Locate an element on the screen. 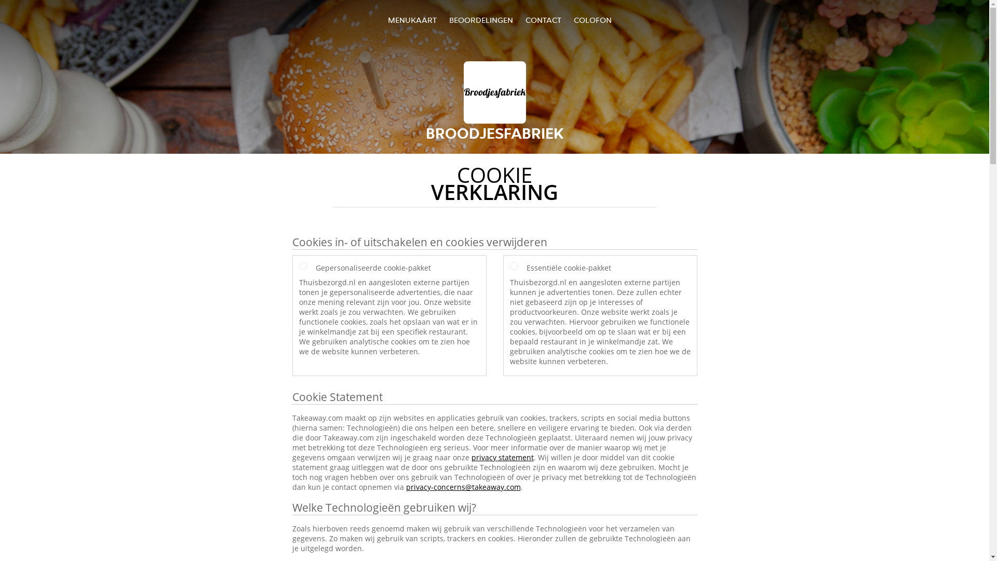 This screenshot has height=561, width=997. 'CONTACT' is located at coordinates (526, 20).